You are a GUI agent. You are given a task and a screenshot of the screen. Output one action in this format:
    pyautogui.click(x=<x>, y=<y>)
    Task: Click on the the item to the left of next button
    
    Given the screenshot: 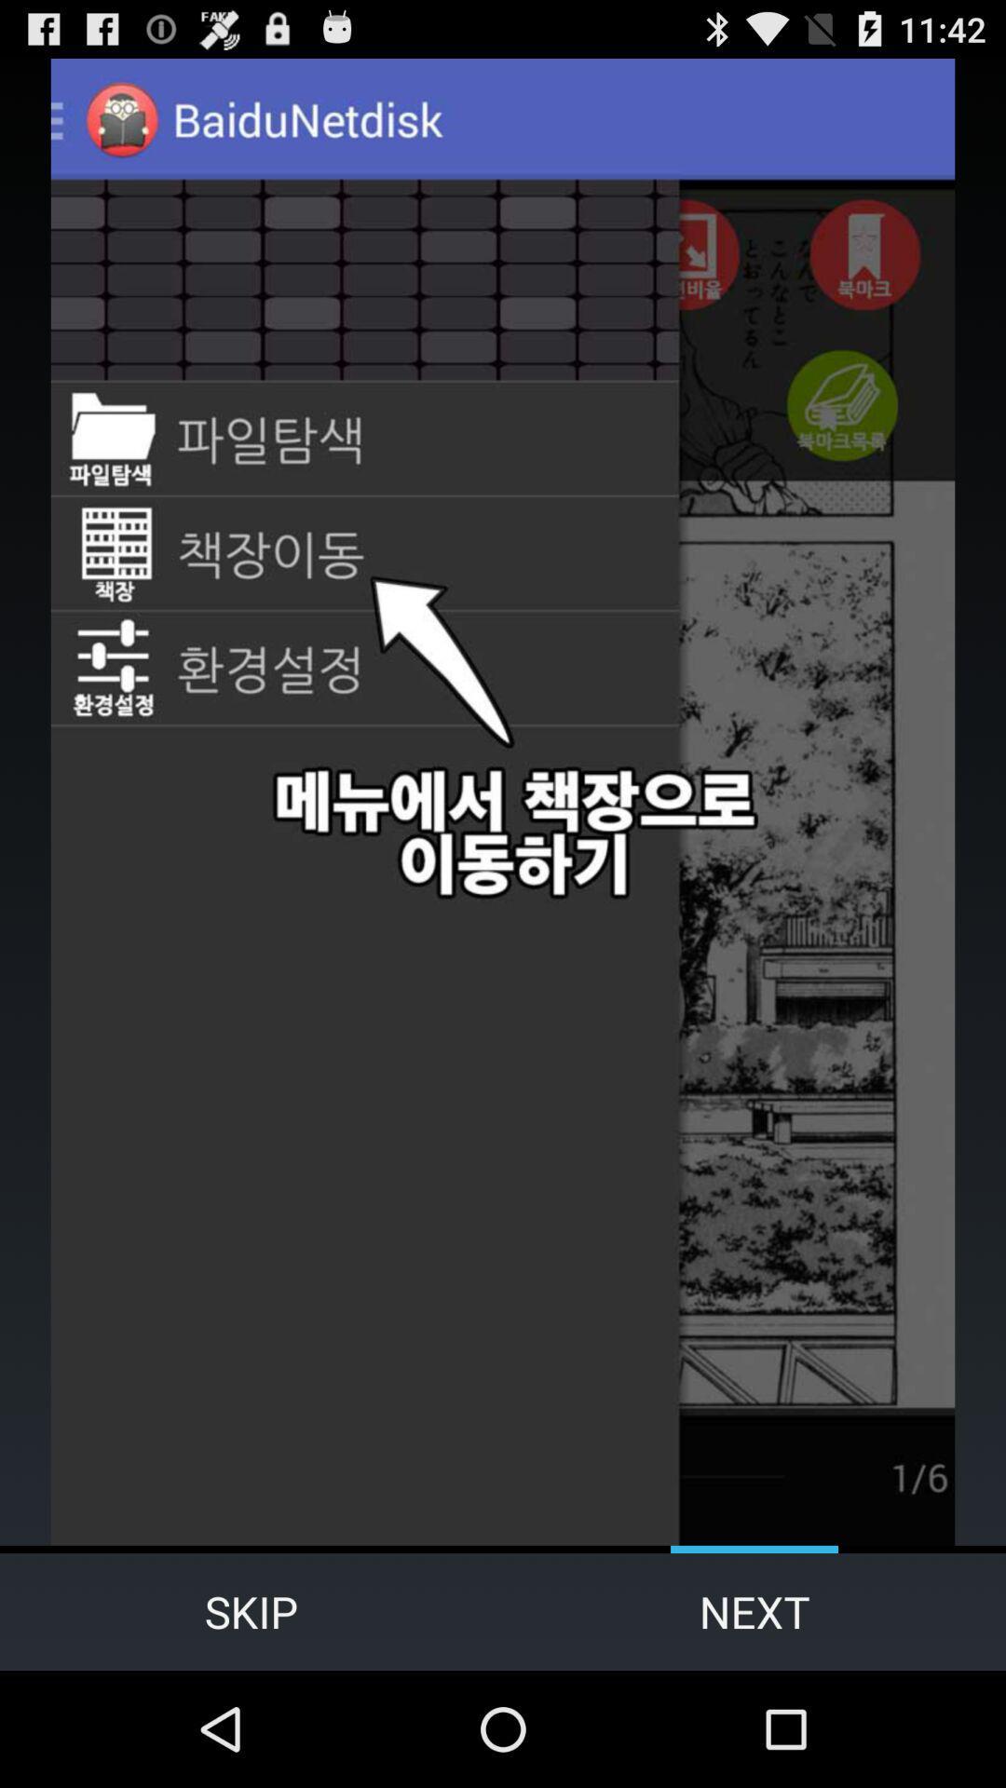 What is the action you would take?
    pyautogui.click(x=251, y=1611)
    